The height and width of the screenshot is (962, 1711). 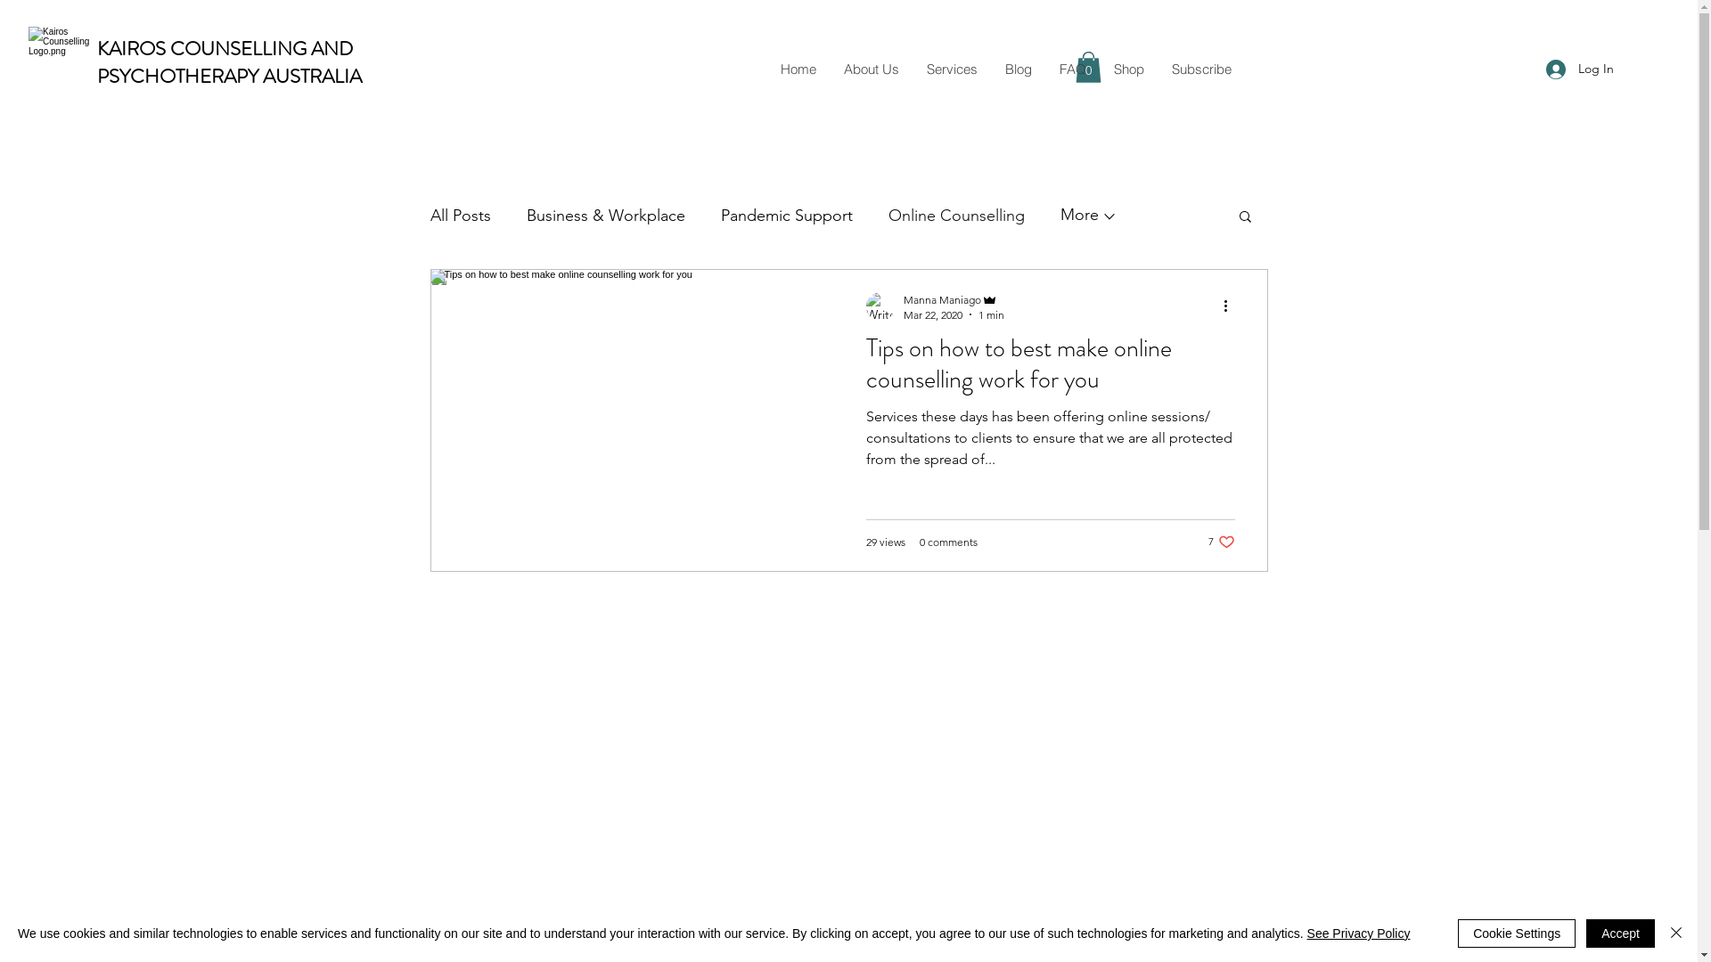 I want to click on 'Tips on how to best make online counselling work for you', so click(x=1051, y=368).